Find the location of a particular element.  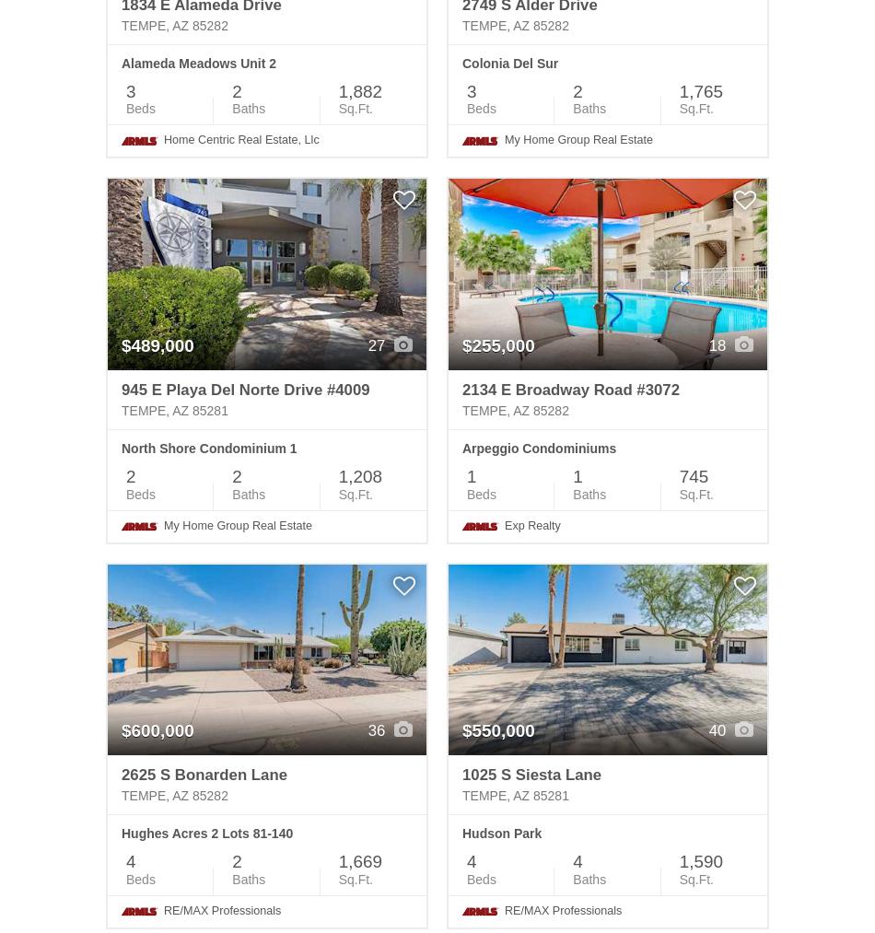

'Exp Realty' is located at coordinates (531, 525).